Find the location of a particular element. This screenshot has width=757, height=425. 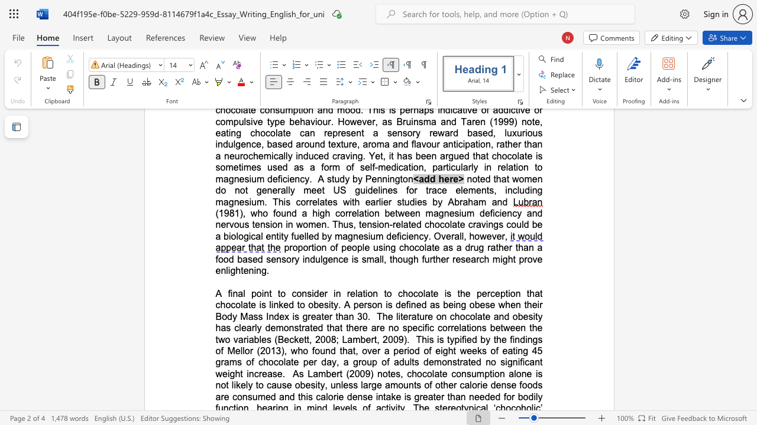

the subset text "rg" within the text "large amounts" is located at coordinates (367, 385).